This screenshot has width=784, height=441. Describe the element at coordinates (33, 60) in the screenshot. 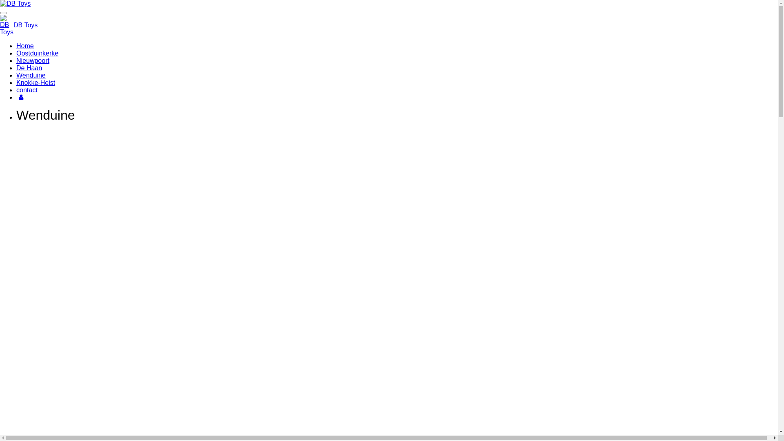

I see `'Nieuwpoort'` at that location.